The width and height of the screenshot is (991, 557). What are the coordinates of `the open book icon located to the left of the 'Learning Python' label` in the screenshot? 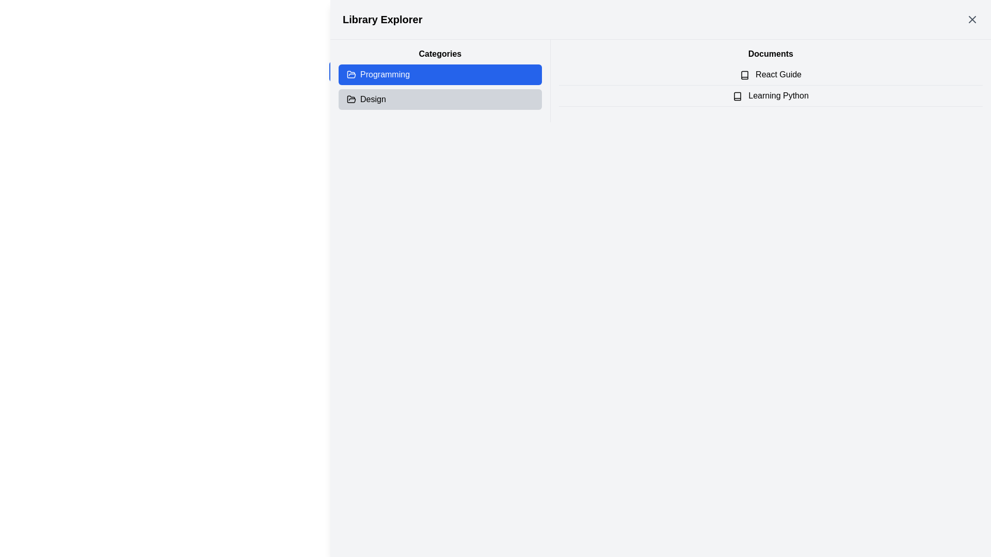 It's located at (737, 96).